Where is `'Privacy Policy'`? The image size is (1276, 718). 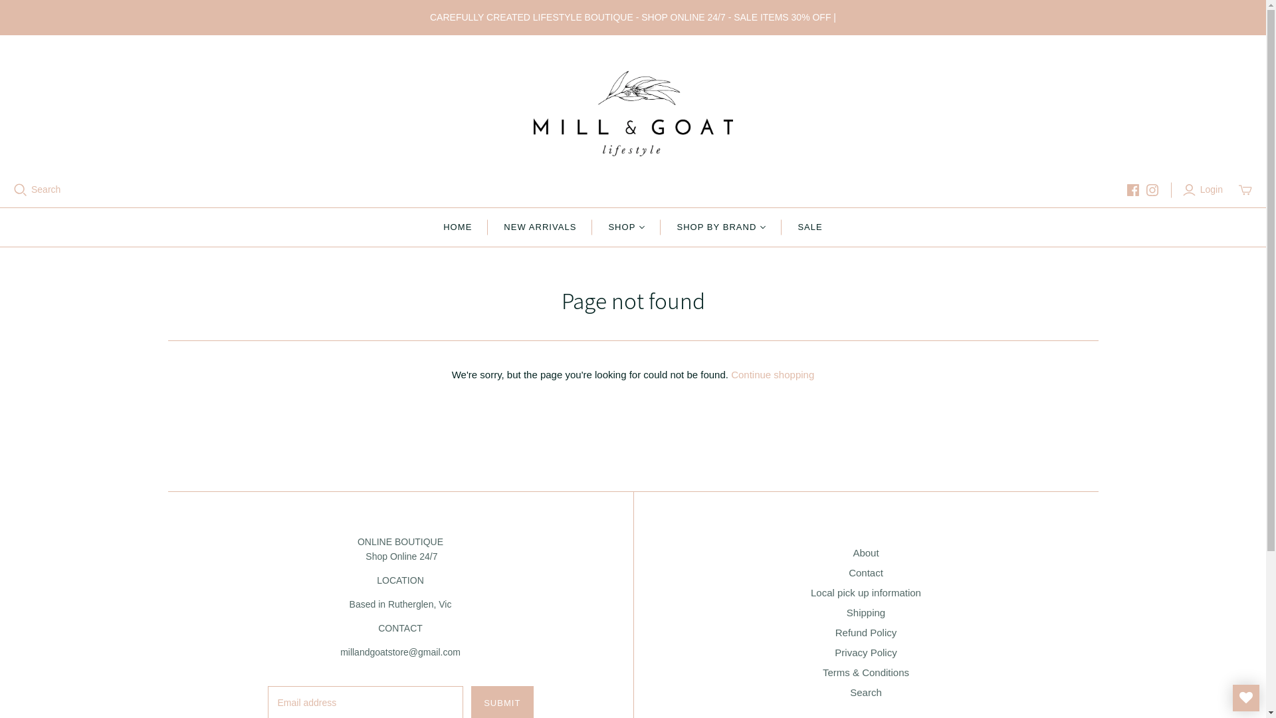 'Privacy Policy' is located at coordinates (834, 652).